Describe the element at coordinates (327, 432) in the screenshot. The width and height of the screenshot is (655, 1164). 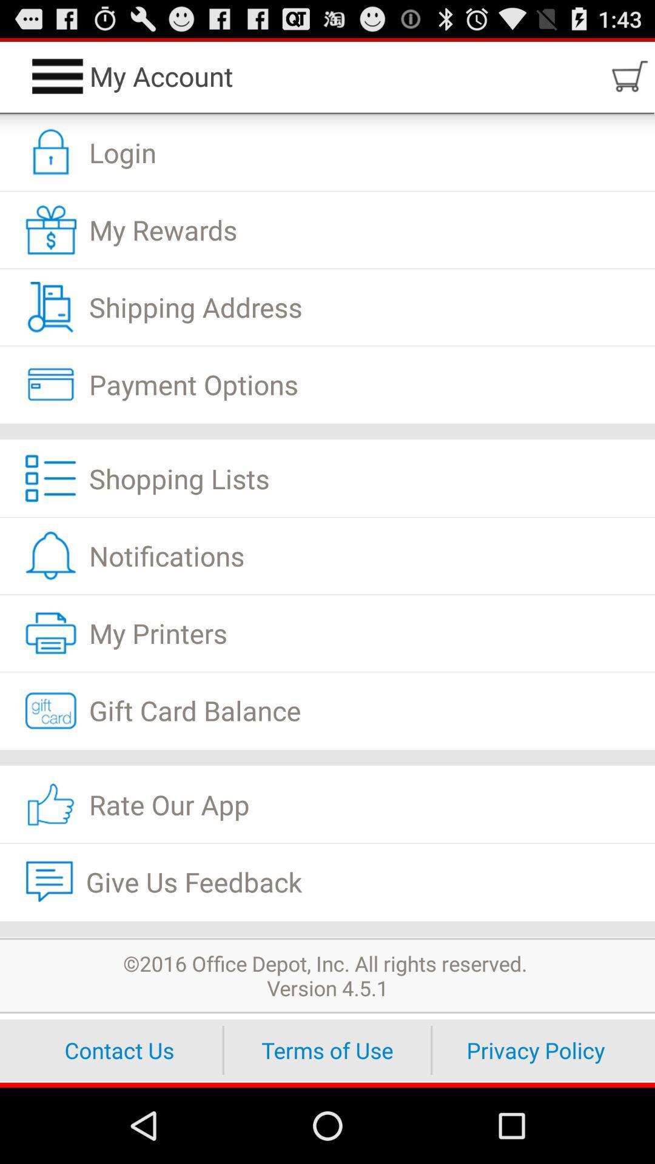
I see `the app above the shopping lists` at that location.